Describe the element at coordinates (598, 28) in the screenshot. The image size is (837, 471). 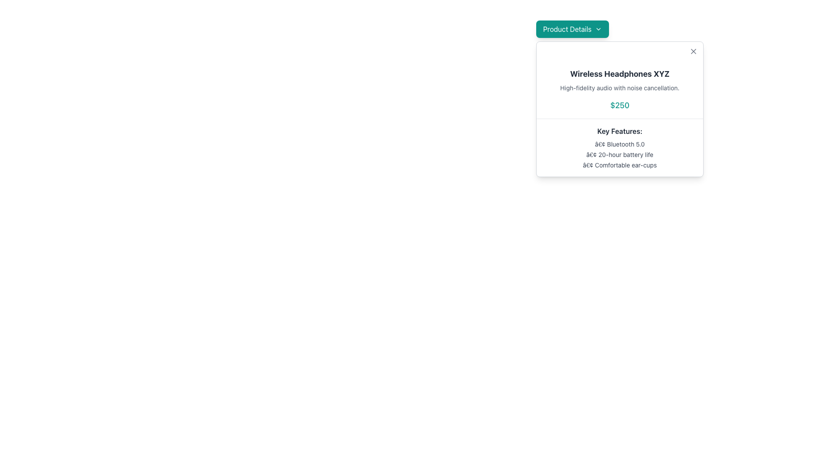
I see `the small downward-facing chevron icon located on the right end of the 'Product Details' button` at that location.